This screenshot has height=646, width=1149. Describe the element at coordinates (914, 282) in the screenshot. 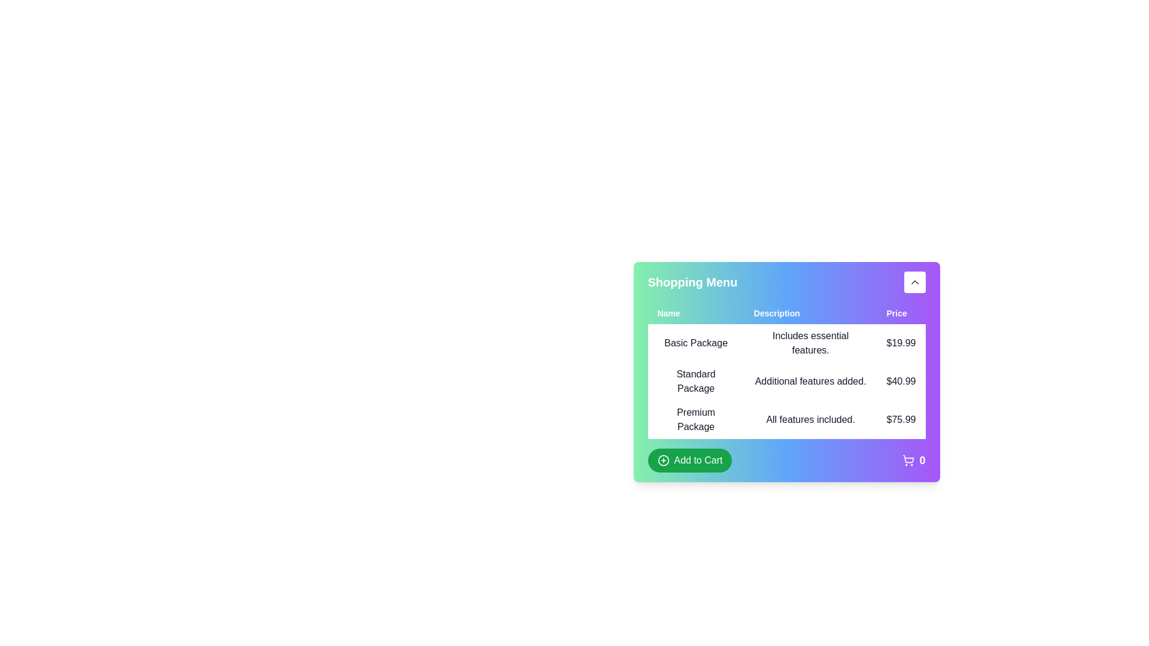

I see `the chevron arrow icon located inside a rounded white button at the top-right corner of the purple rectangular UI section` at that location.